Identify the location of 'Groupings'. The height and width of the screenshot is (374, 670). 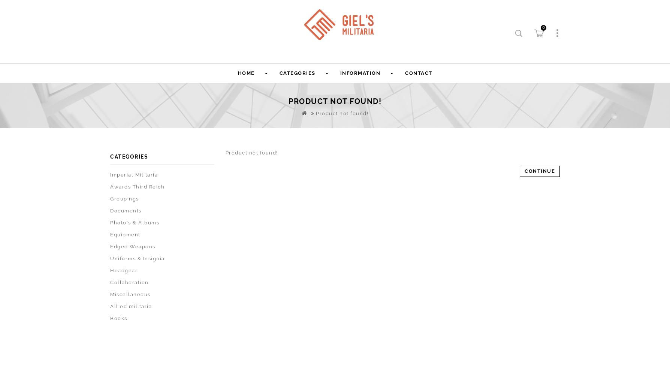
(124, 199).